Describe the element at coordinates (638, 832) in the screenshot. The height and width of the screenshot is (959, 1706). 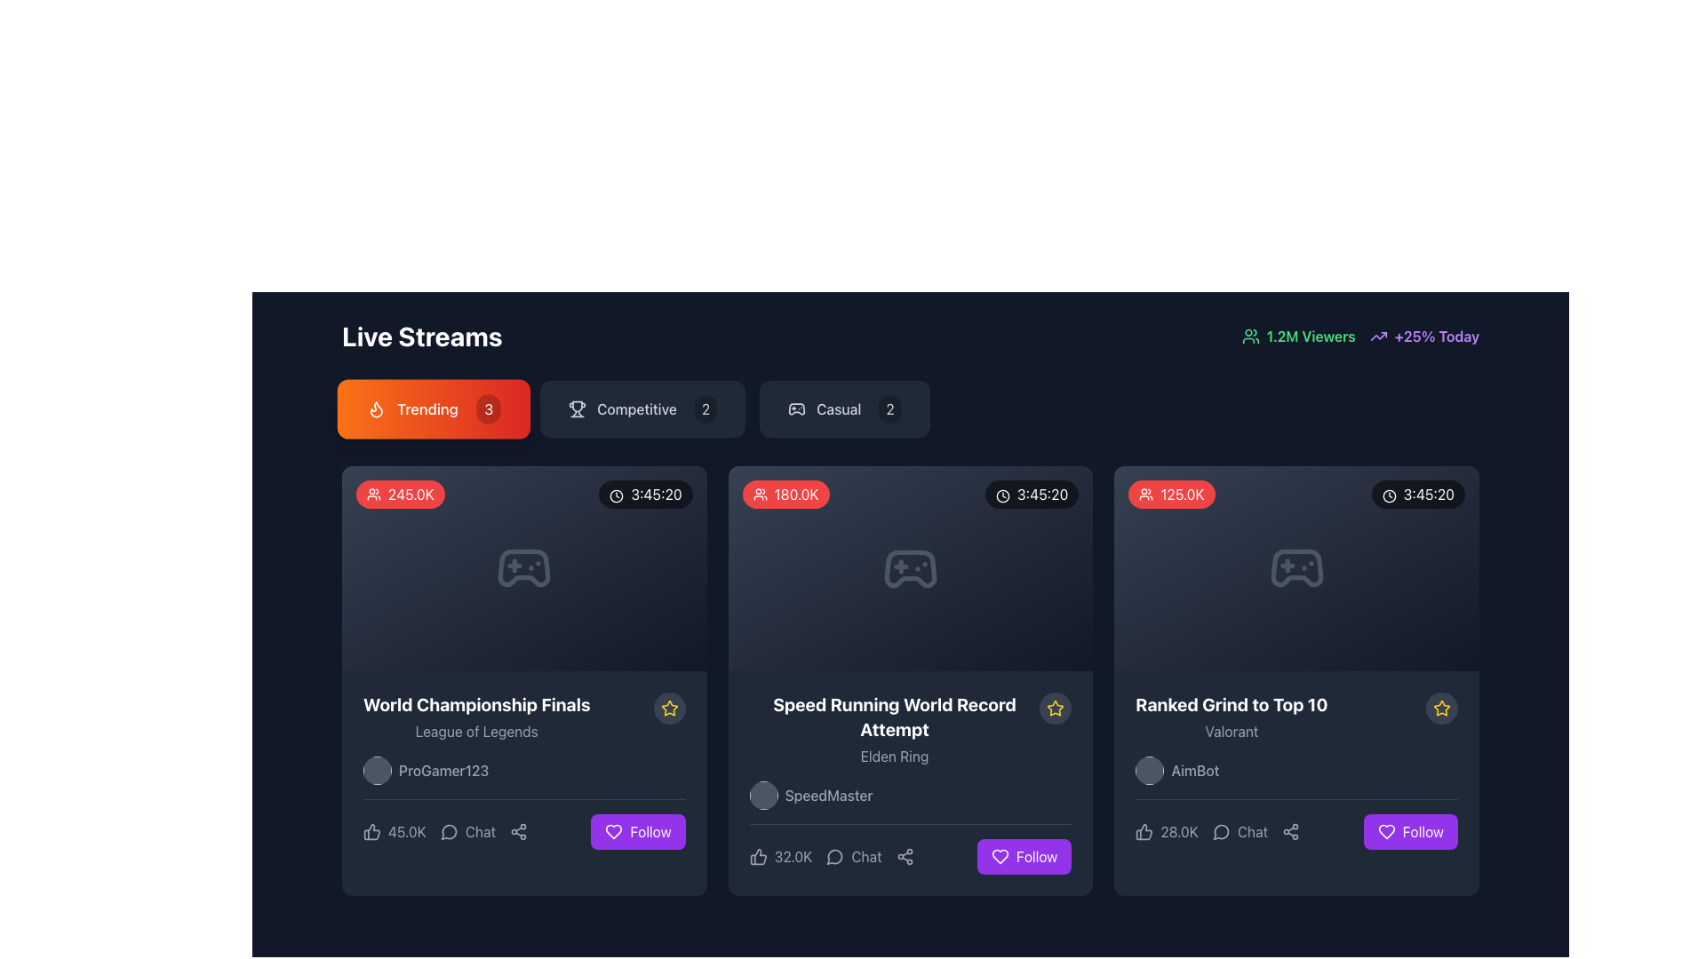
I see `the purple 'Follow' button with a white heart icon` at that location.